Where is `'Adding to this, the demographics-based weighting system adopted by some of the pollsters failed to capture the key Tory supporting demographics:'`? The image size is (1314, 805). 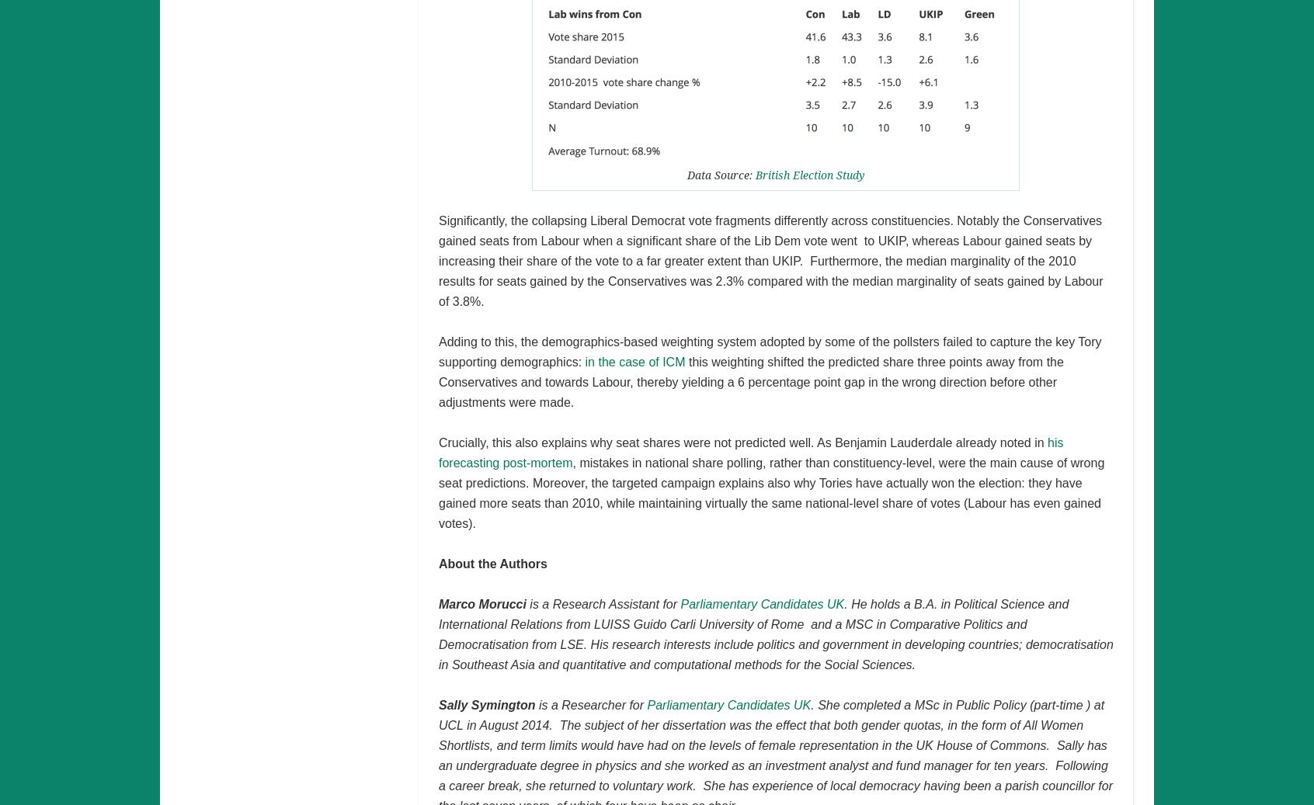 'Adding to this, the demographics-based weighting system adopted by some of the pollsters failed to capture the key Tory supporting demographics:' is located at coordinates (769, 350).